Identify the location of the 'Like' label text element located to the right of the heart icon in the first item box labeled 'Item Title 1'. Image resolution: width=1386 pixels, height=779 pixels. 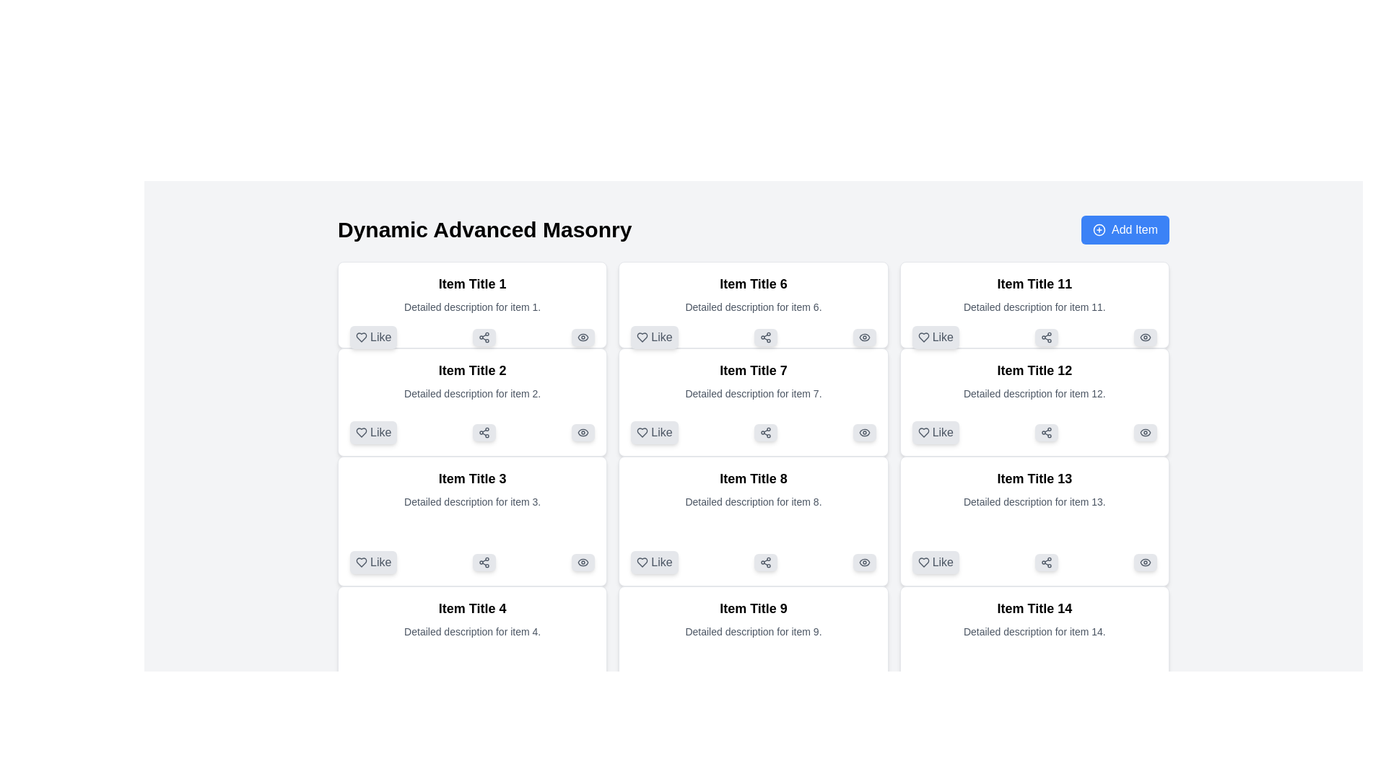
(380, 337).